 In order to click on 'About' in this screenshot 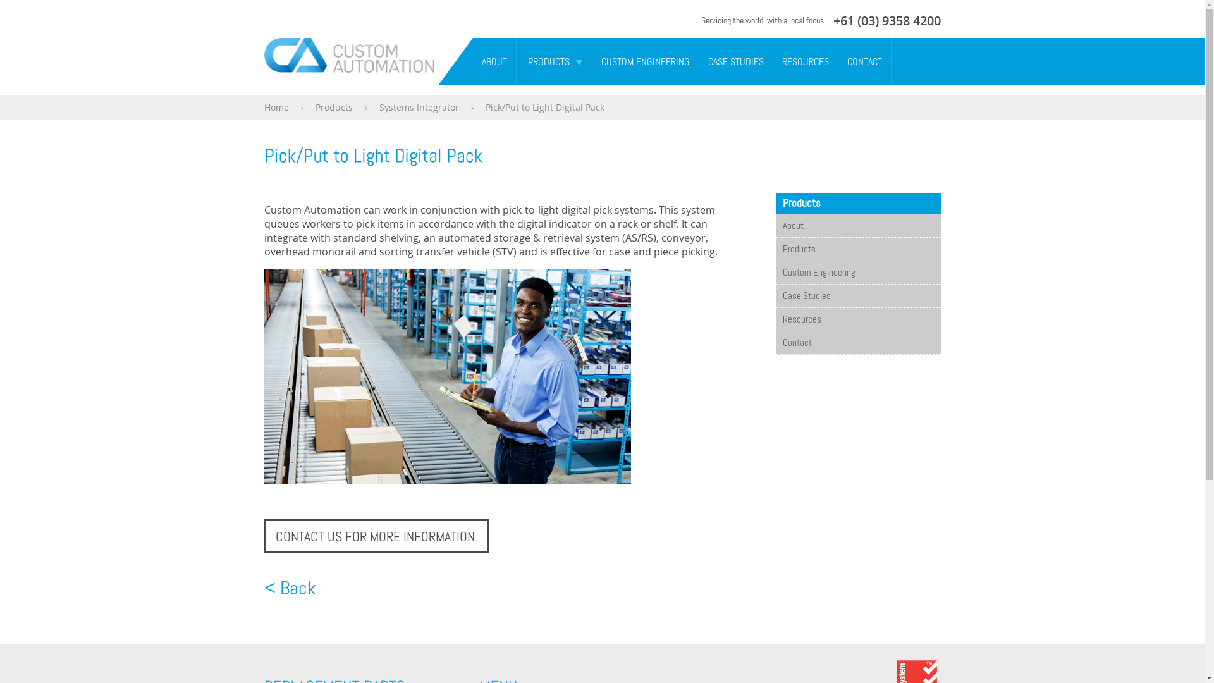, I will do `click(776, 225)`.